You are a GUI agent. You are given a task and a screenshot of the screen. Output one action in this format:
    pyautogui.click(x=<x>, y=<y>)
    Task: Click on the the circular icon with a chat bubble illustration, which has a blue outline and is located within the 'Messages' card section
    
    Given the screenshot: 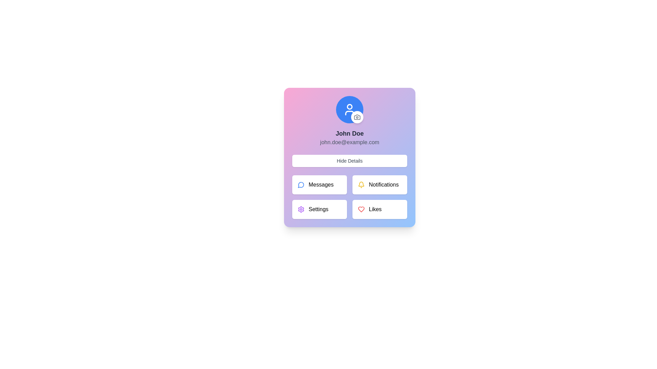 What is the action you would take?
    pyautogui.click(x=301, y=184)
    